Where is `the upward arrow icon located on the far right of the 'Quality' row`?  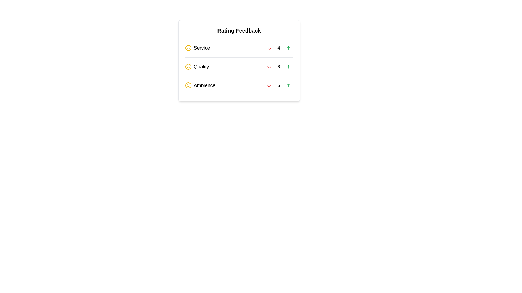
the upward arrow icon located on the far right of the 'Quality' row is located at coordinates (288, 66).